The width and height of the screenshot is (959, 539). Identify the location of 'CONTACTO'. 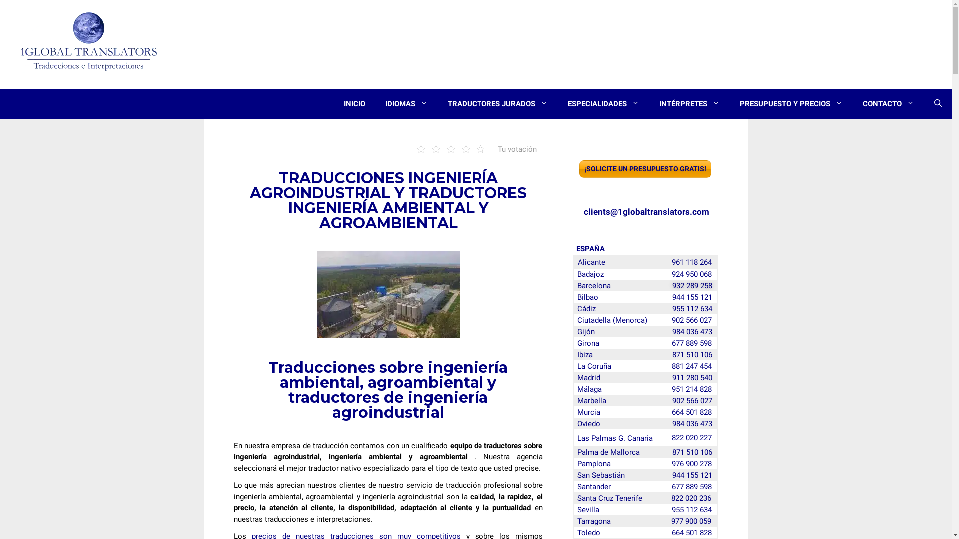
(888, 104).